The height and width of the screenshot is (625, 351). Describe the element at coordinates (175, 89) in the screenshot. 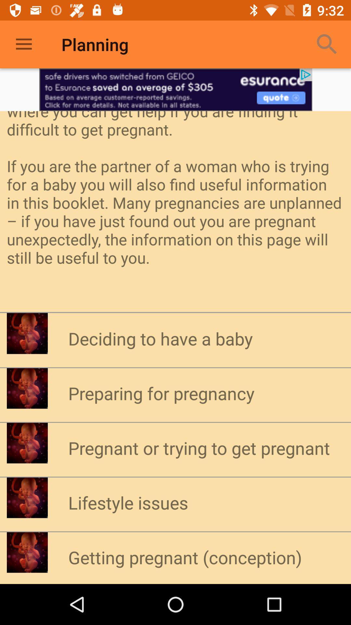

I see `advertisement for esurance` at that location.